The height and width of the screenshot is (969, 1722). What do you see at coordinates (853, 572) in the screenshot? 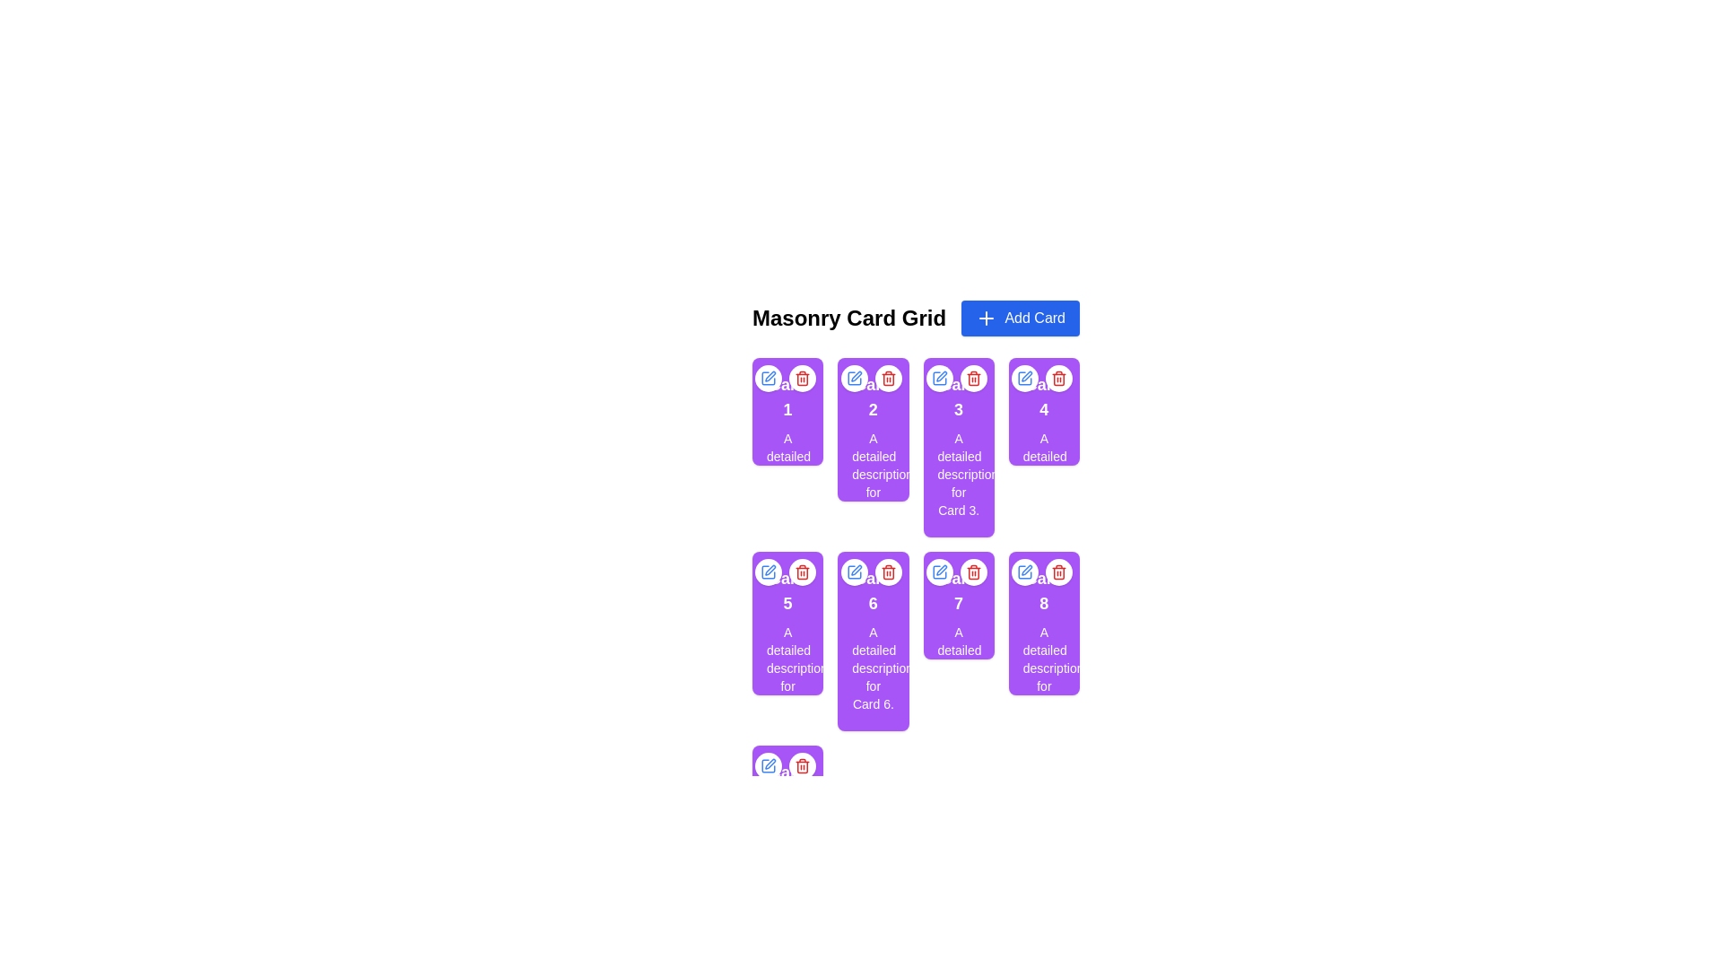
I see `the blue pen icon button located at the top-left corner of the card labeled '6'` at bounding box center [853, 572].